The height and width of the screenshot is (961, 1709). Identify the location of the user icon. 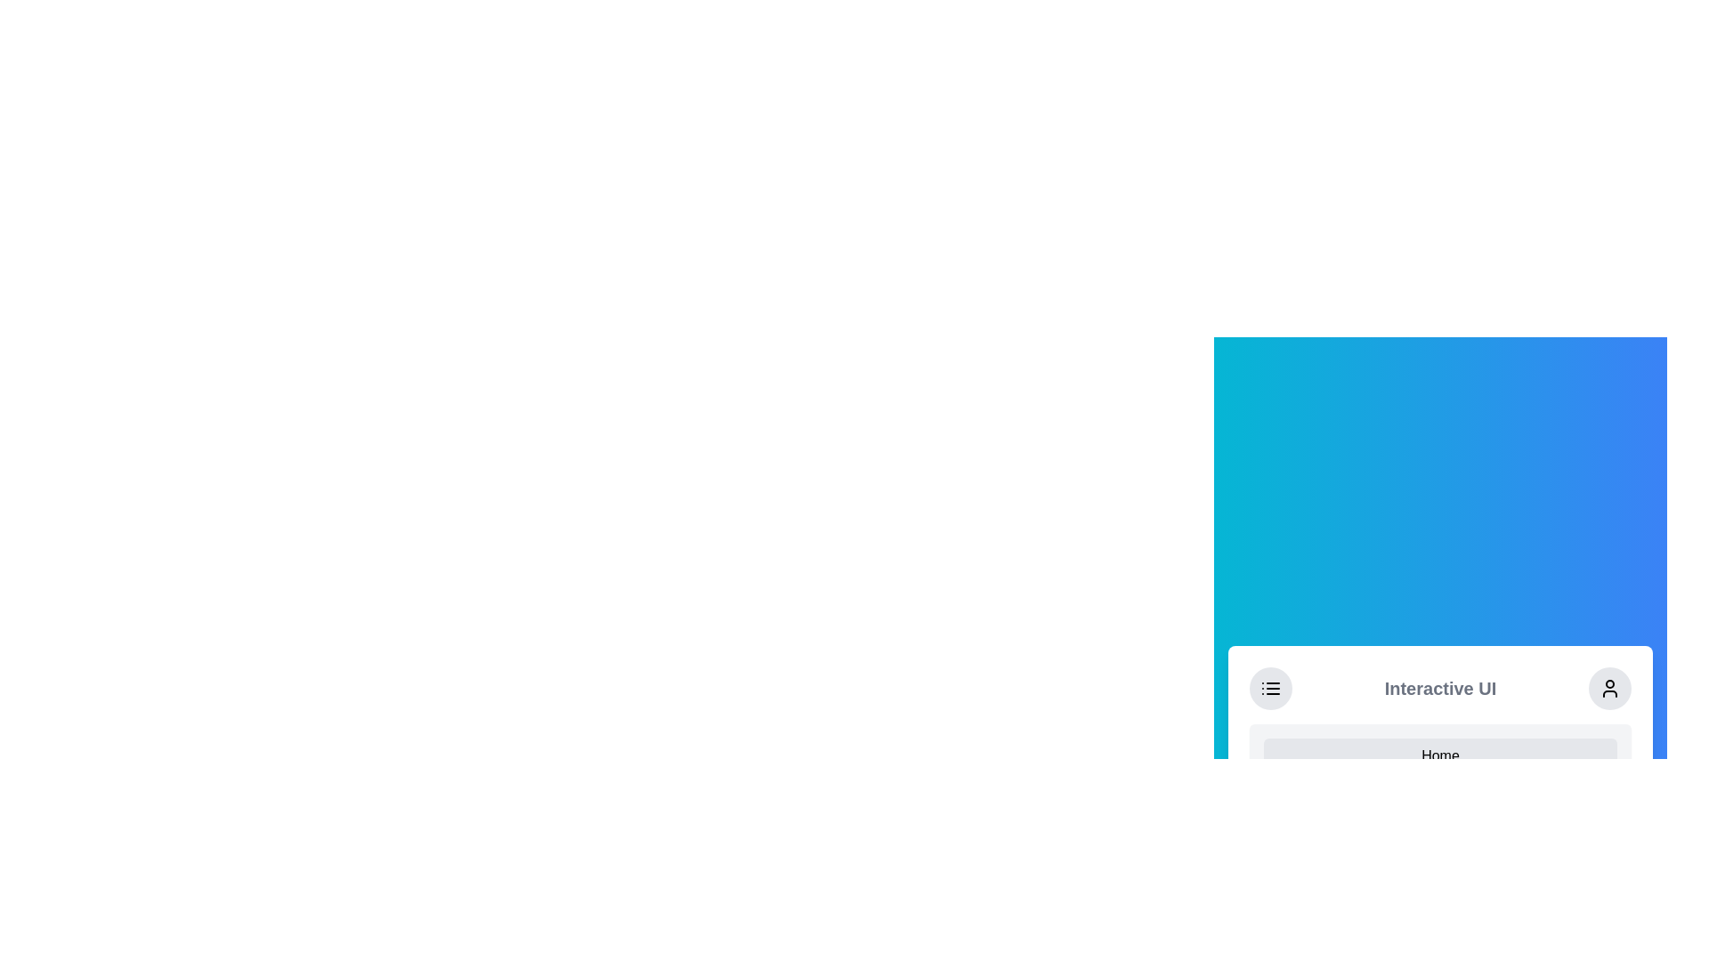
(1610, 688).